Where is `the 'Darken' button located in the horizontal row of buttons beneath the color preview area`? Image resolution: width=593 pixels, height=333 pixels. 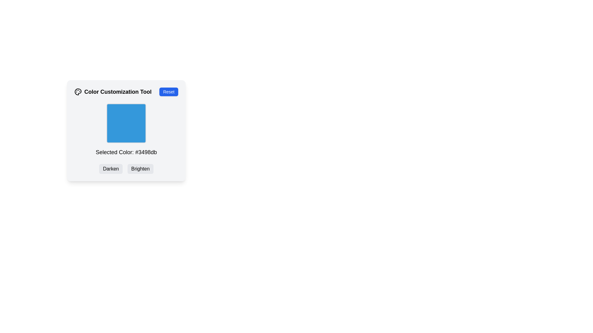
the 'Darken' button located in the horizontal row of buttons beneath the color preview area is located at coordinates (111, 169).